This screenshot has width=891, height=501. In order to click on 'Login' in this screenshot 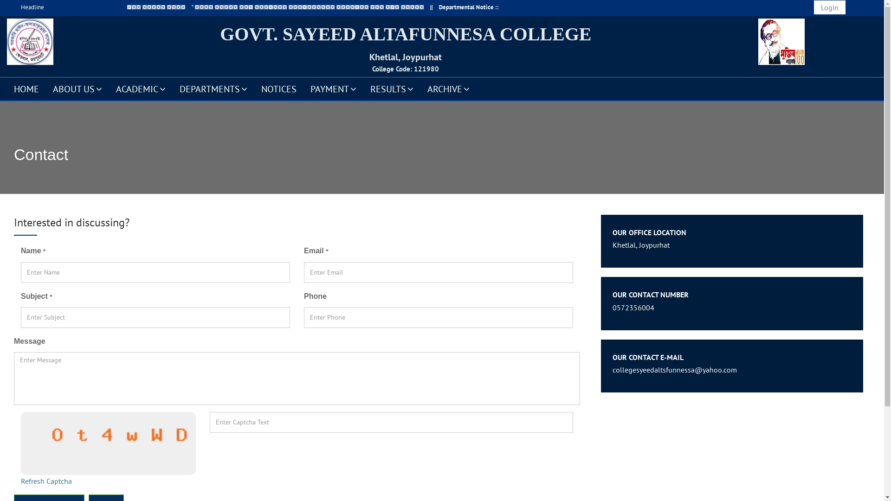, I will do `click(830, 7)`.